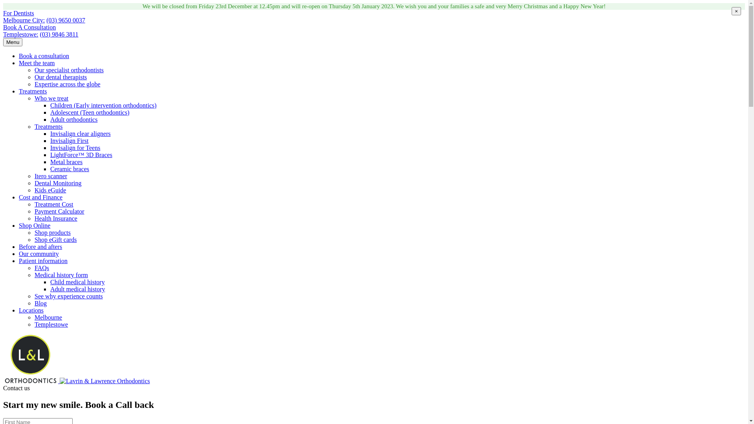 The image size is (754, 424). What do you see at coordinates (81, 133) in the screenshot?
I see `'Invisalign clear aligners'` at bounding box center [81, 133].